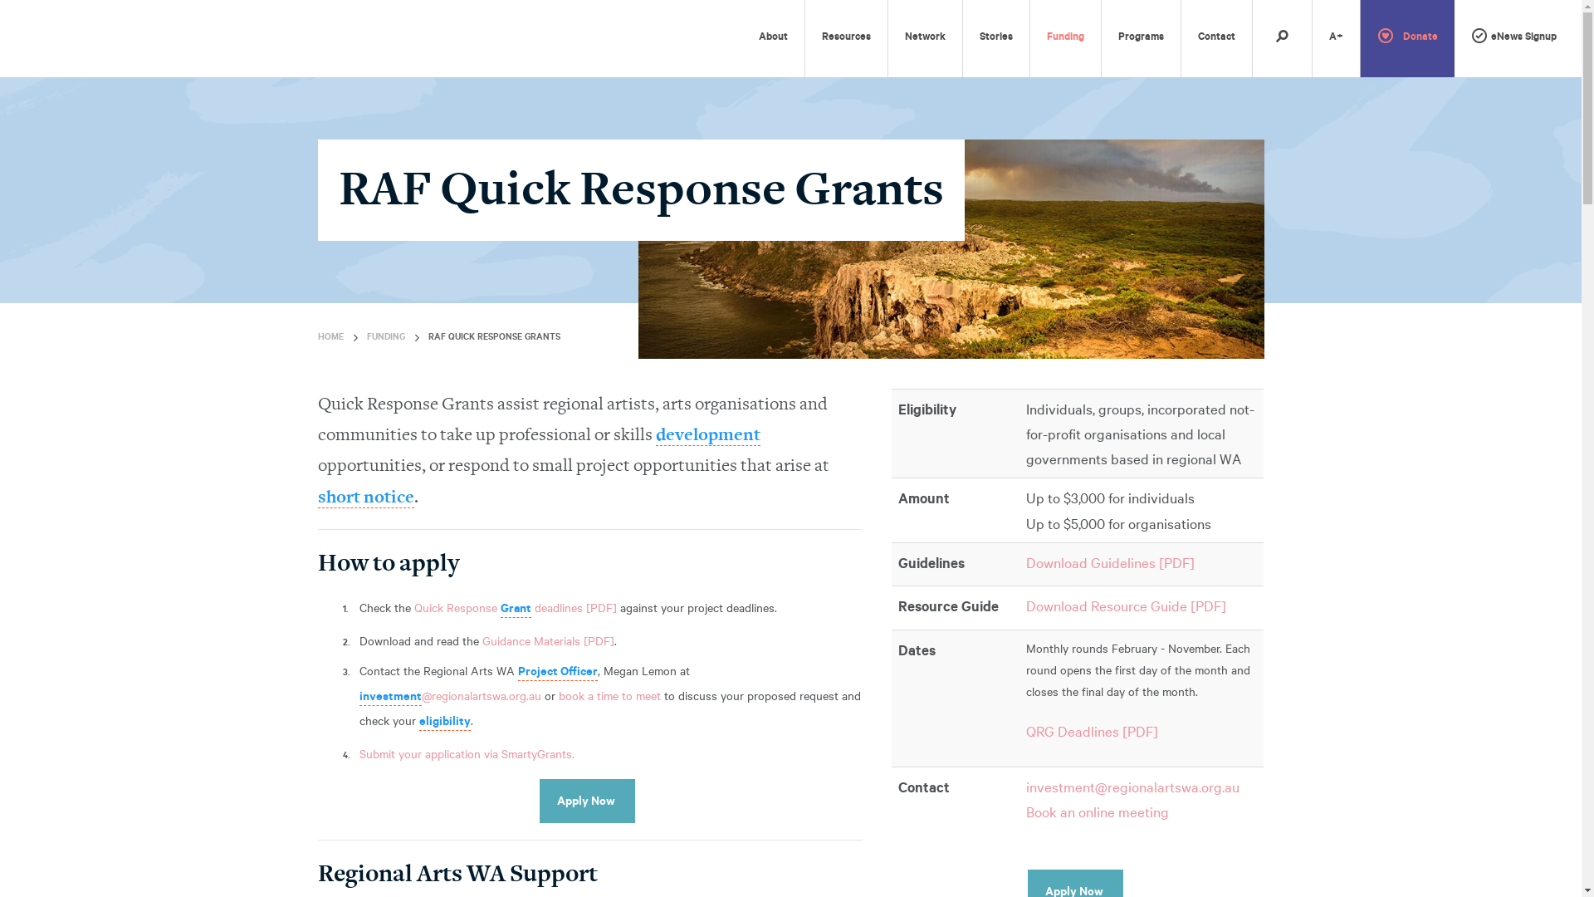  What do you see at coordinates (513, 607) in the screenshot?
I see `'Quick Response Grant deadlines [PDF]'` at bounding box center [513, 607].